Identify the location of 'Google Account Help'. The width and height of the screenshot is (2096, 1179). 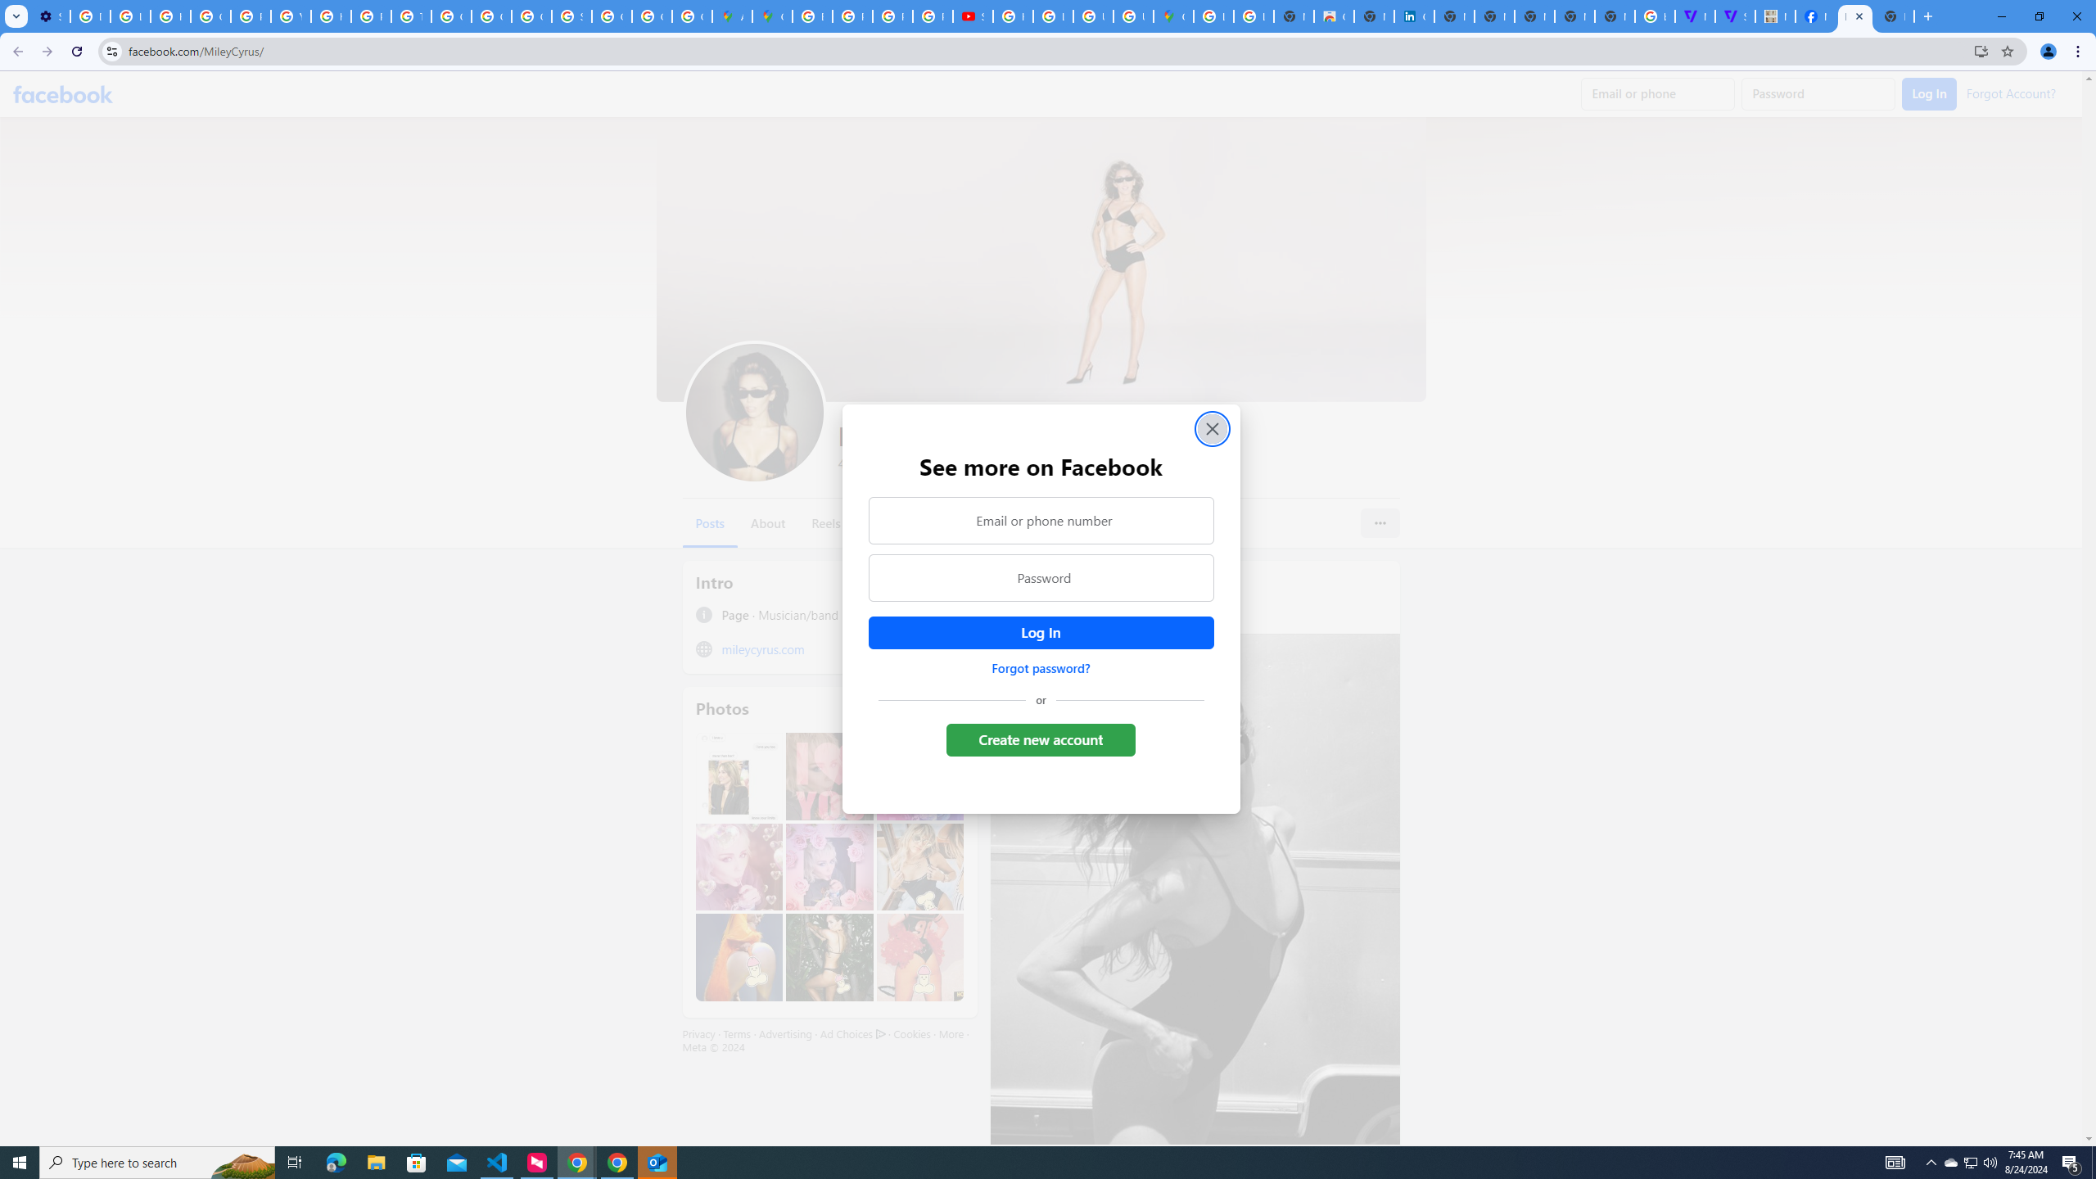
(210, 16).